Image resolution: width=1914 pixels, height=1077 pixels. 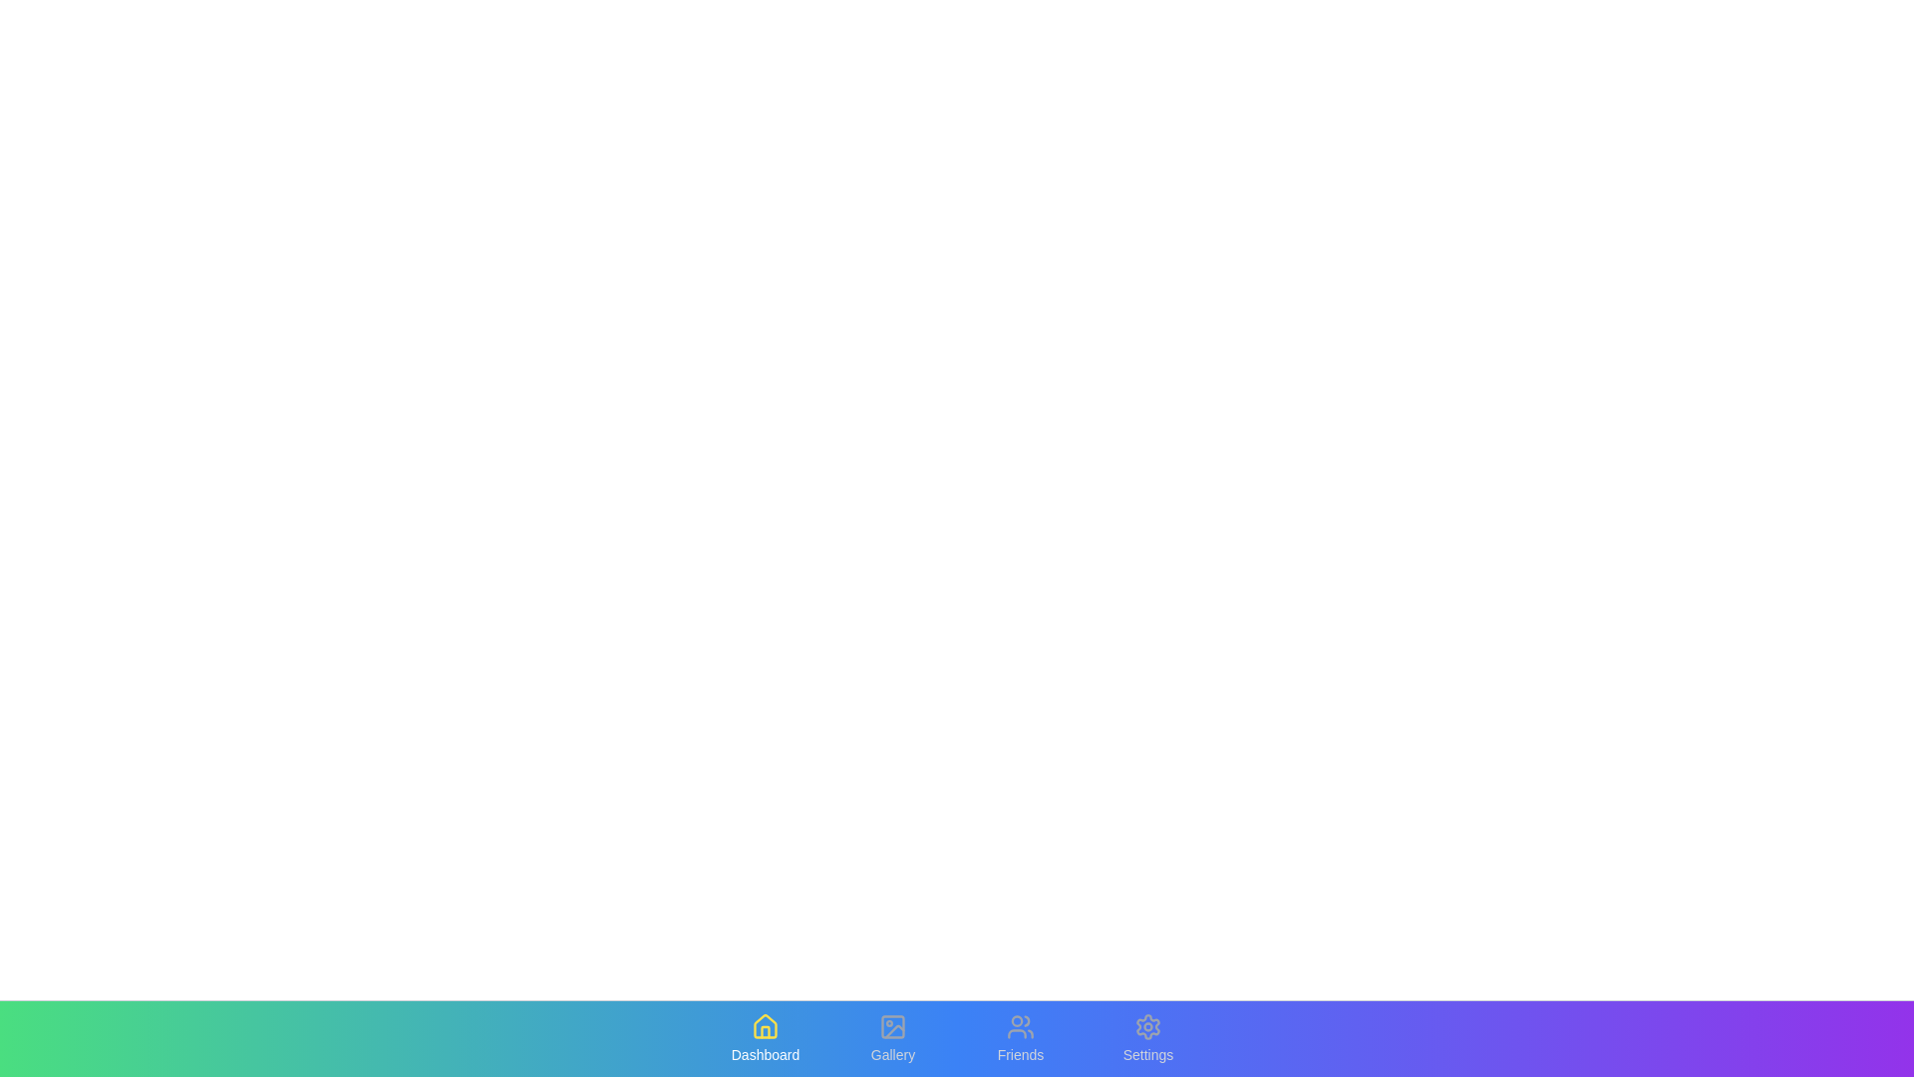 I want to click on the tab labeled Dashboard, so click(x=765, y=1037).